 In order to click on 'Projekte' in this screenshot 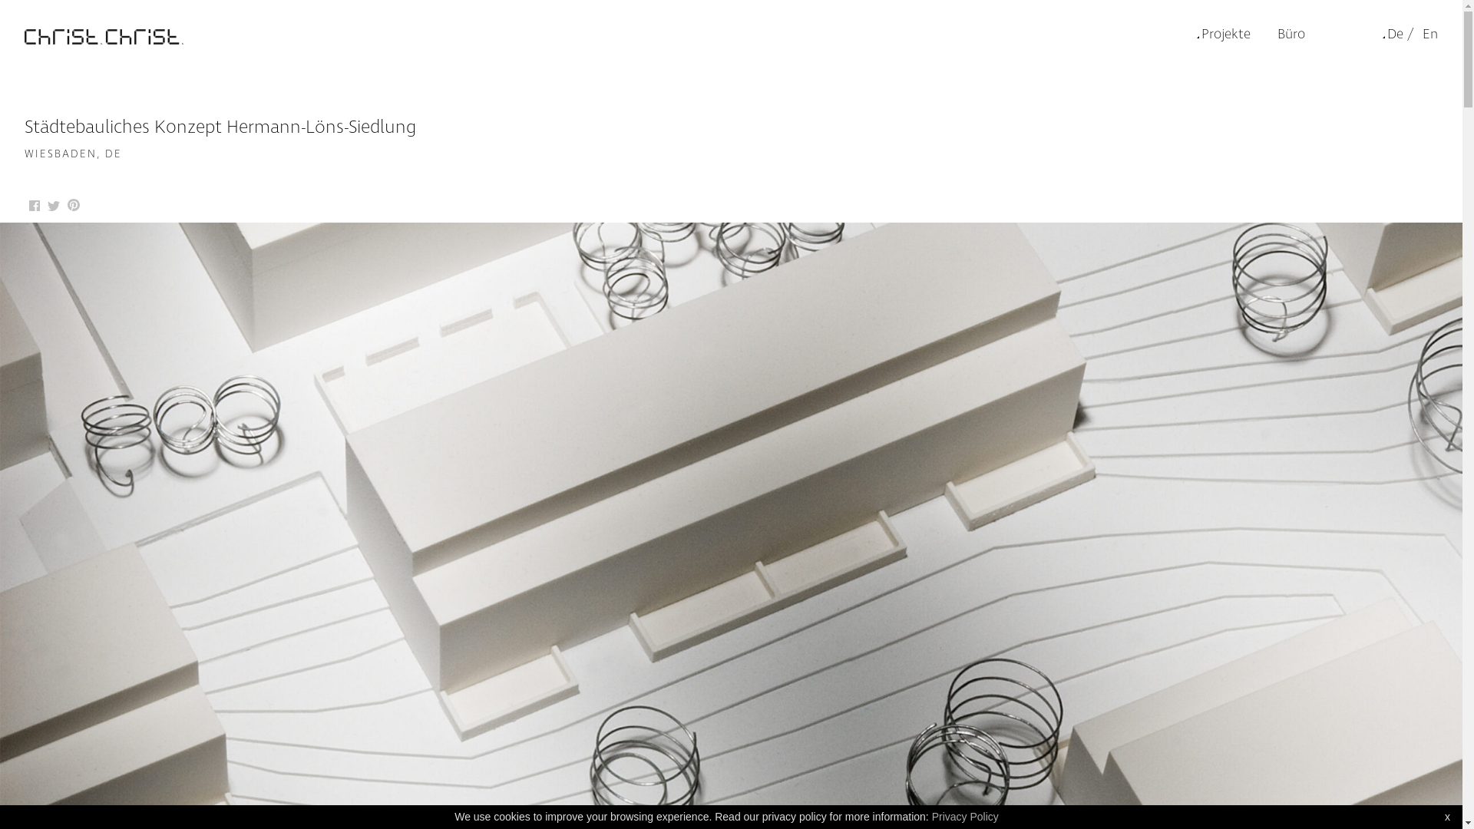, I will do `click(1196, 34)`.